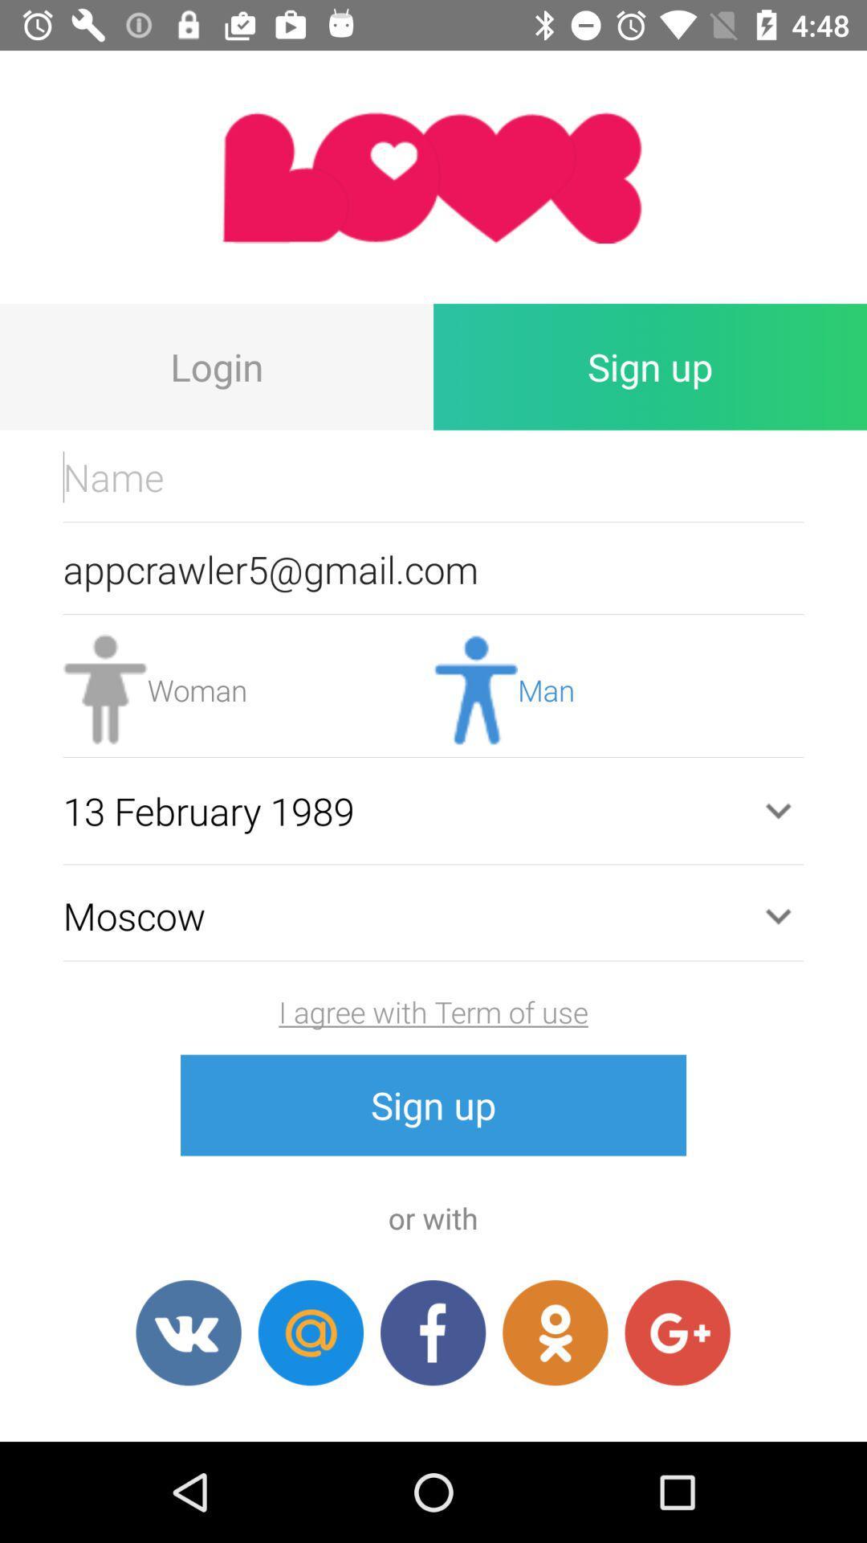  Describe the element at coordinates (554, 1332) in the screenshot. I see `sign in option` at that location.